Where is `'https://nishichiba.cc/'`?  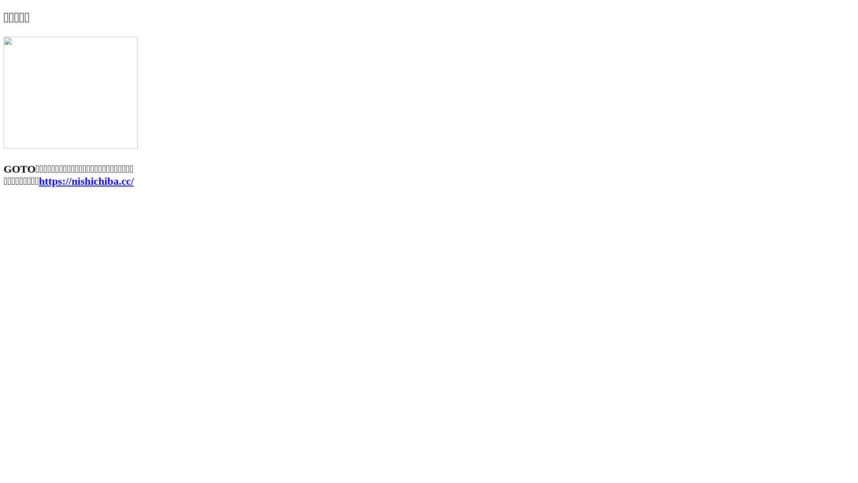
'https://nishichiba.cc/' is located at coordinates (38, 181).